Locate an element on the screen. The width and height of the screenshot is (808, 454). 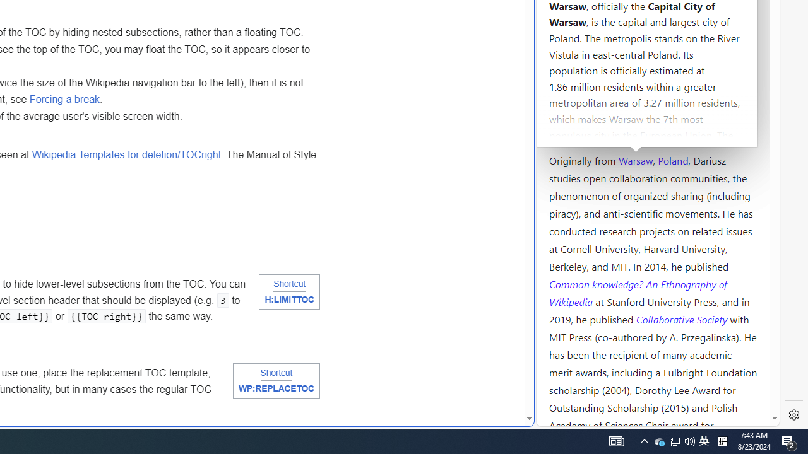
'H:LIMITTOC' is located at coordinates (288, 300).